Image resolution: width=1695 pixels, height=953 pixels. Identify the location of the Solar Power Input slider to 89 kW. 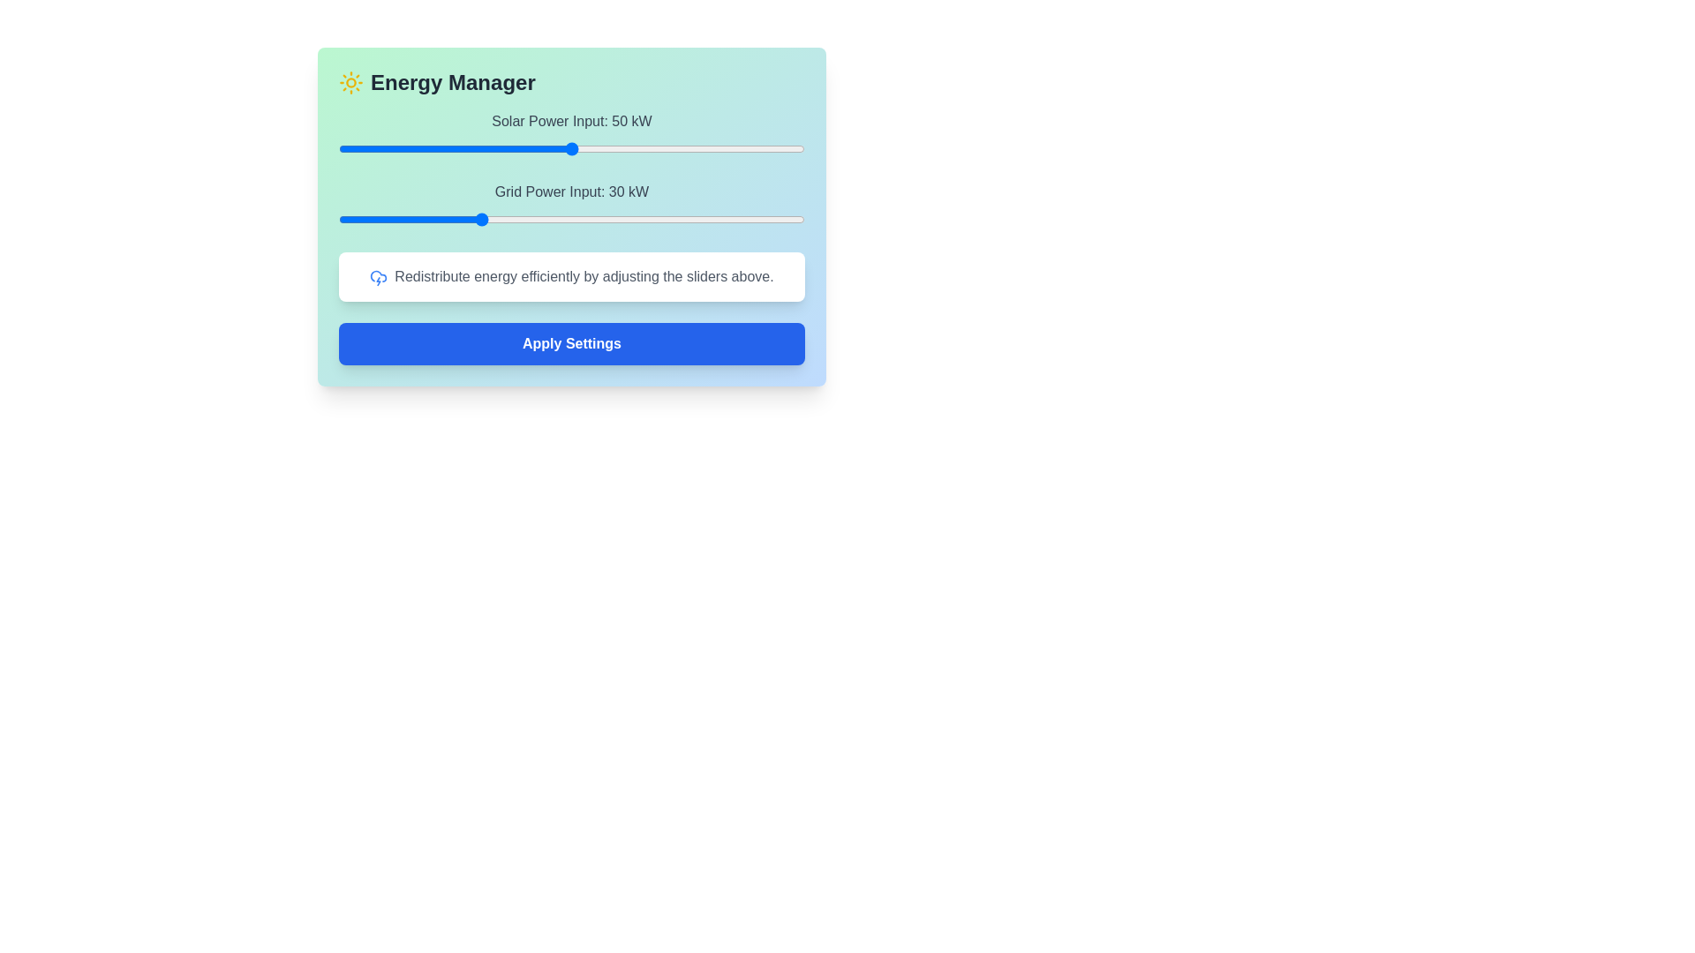
(753, 148).